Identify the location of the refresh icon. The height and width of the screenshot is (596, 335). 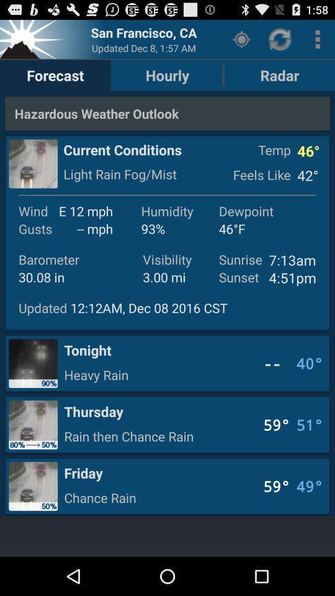
(280, 42).